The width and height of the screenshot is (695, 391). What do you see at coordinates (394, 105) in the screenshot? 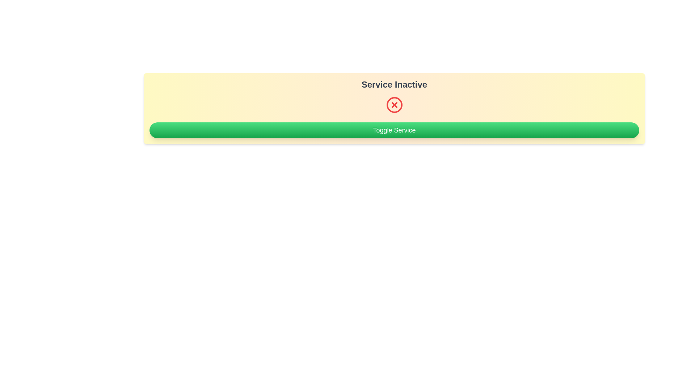
I see `the circular icon with a red border and a red cross, which indicates a negative or dismissal action, located between the 'Service Inactive' label and the 'Toggle Service' button` at bounding box center [394, 105].